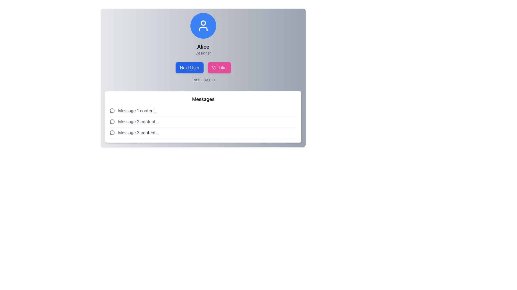 This screenshot has height=290, width=517. What do you see at coordinates (203, 53) in the screenshot?
I see `the text label reading 'Designer', which is styled in a smaller gray font and positioned below the name 'Alice'` at bounding box center [203, 53].